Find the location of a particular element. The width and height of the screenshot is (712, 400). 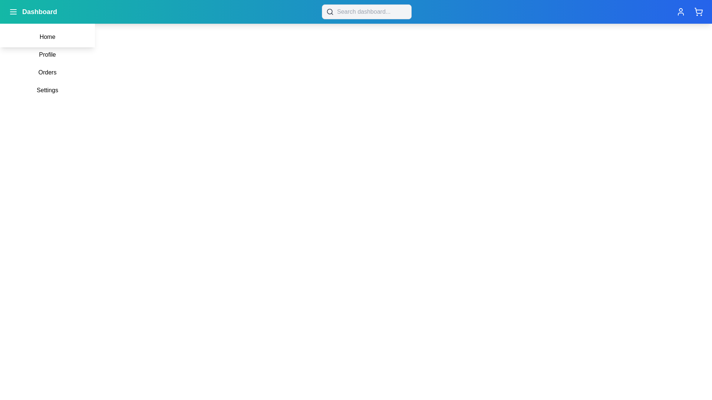

the shopping cart icon located at the top-right corner of the application header is located at coordinates (698, 11).